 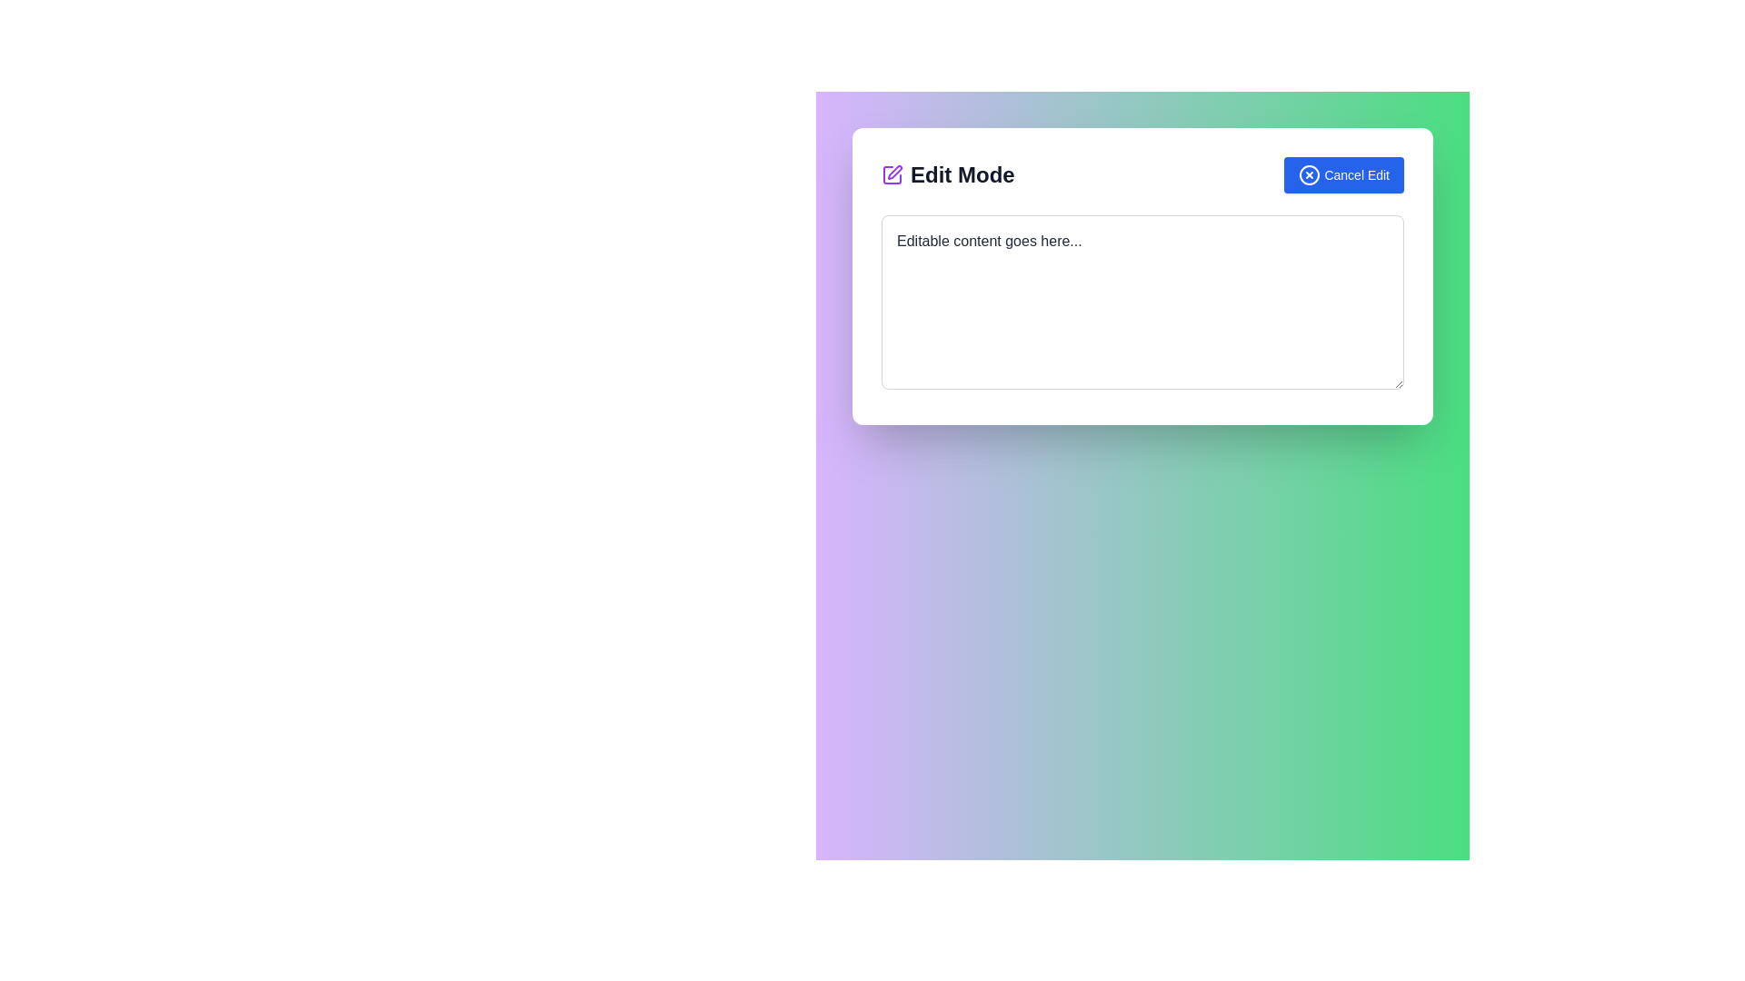 I want to click on the circle-shaped graphical component of the 'Cancel Edit' icon located at the top-right corner of the modal interface, so click(x=1310, y=174).